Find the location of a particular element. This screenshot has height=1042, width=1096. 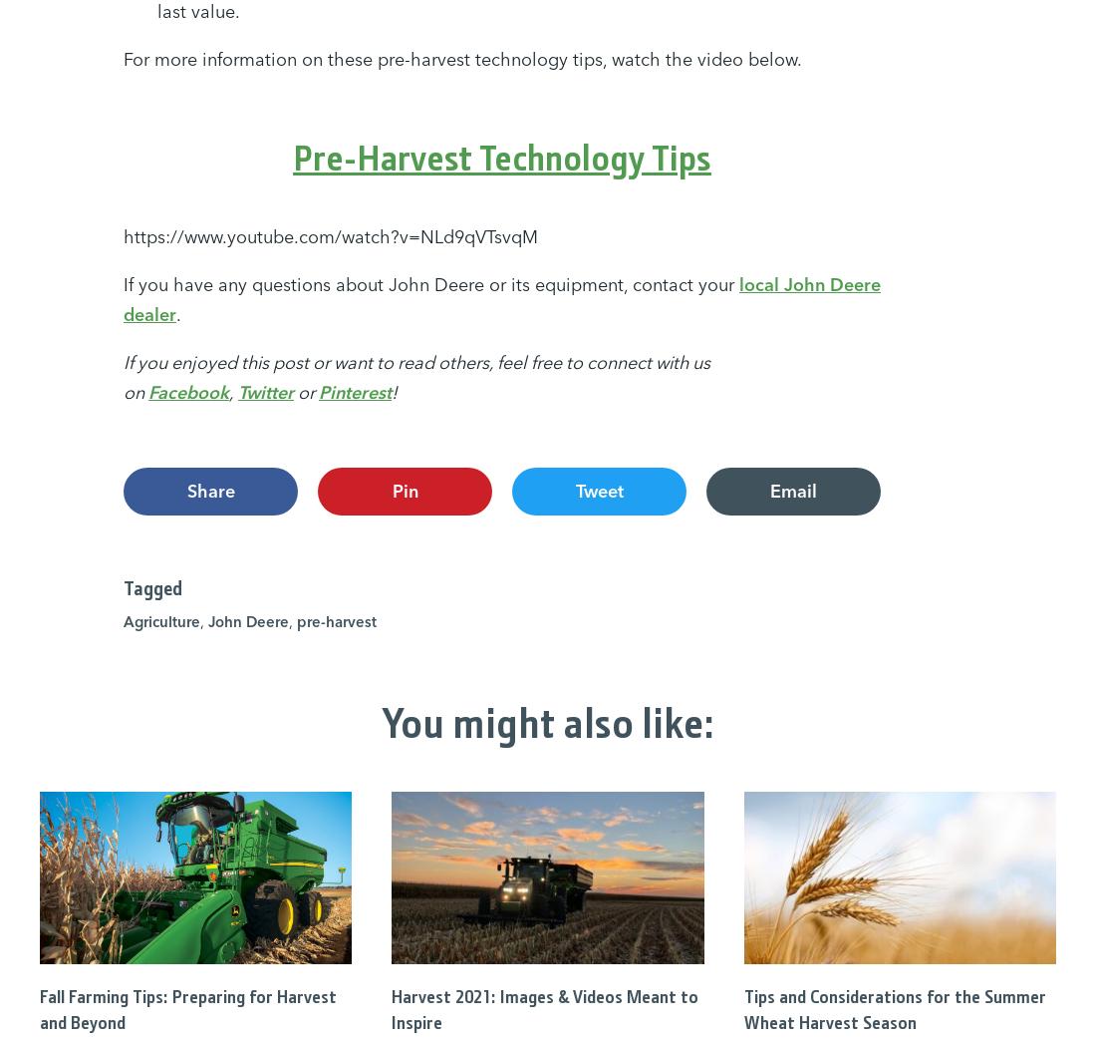

'Tweet' is located at coordinates (598, 490).